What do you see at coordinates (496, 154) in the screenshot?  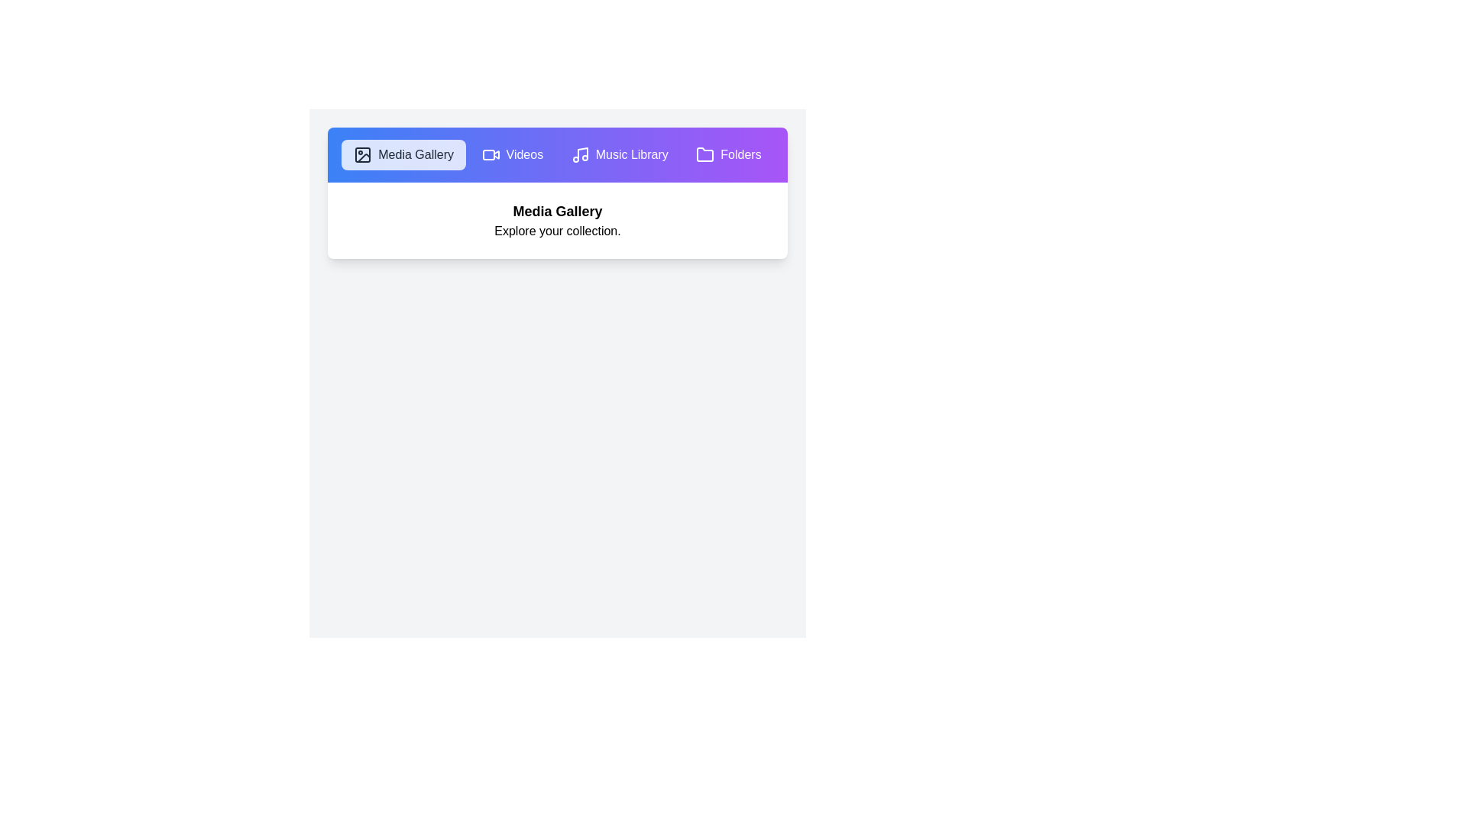 I see `the 'Videos' tab icon in the top navigation bar` at bounding box center [496, 154].